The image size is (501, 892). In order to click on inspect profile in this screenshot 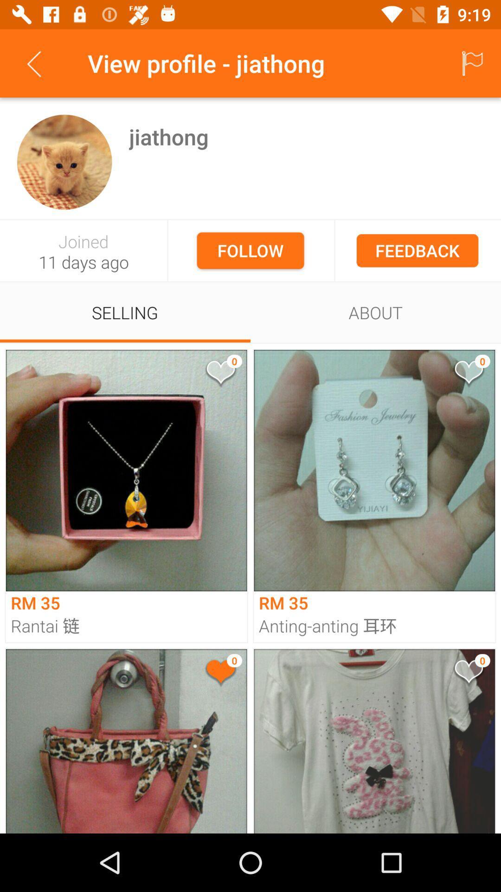, I will do `click(64, 162)`.